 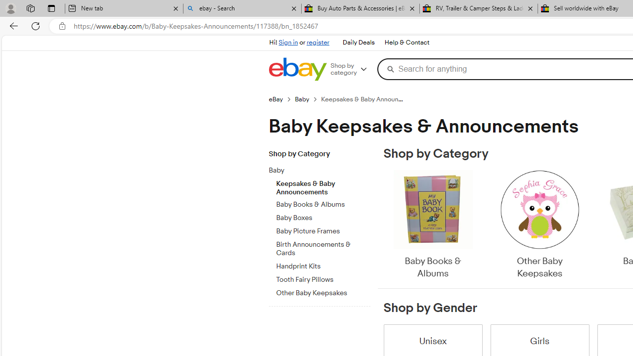 I want to click on 'Baby Boxes', so click(x=323, y=218).